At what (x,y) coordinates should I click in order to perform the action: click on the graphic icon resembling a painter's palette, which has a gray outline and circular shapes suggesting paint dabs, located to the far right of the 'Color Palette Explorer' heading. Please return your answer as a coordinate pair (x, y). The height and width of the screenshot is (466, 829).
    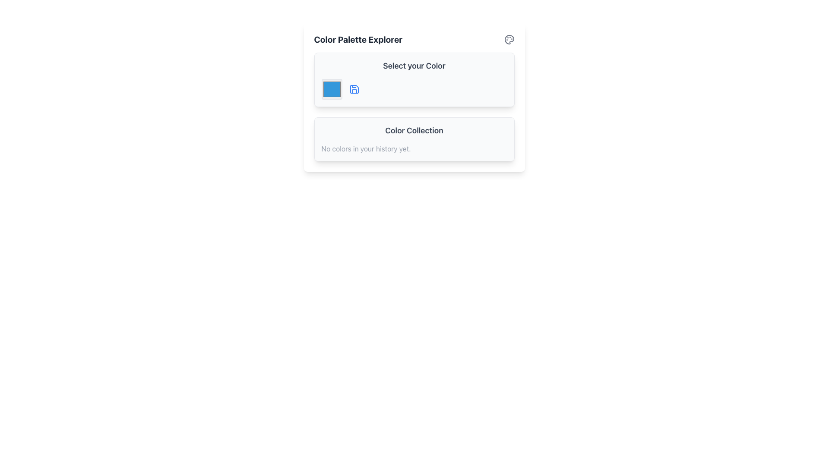
    Looking at the image, I should click on (509, 40).